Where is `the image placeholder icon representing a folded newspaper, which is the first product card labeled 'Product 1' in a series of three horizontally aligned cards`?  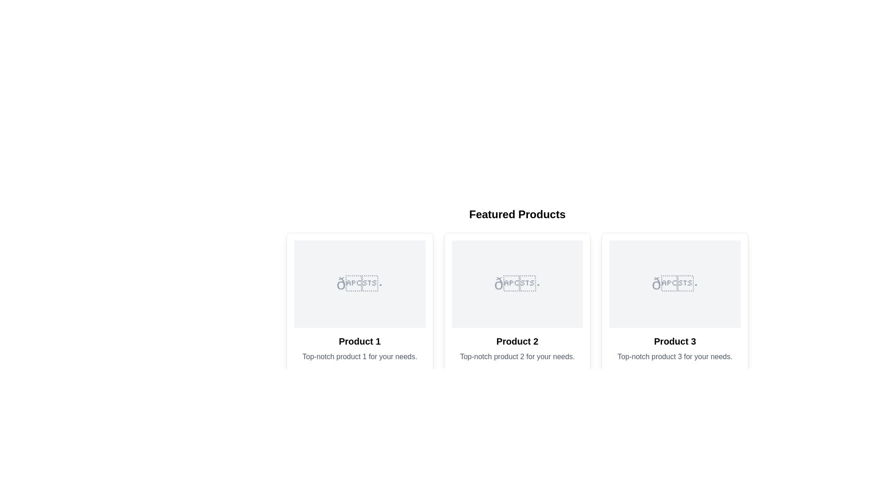
the image placeholder icon representing a folded newspaper, which is the first product card labeled 'Product 1' in a series of three horizontally aligned cards is located at coordinates (359, 283).